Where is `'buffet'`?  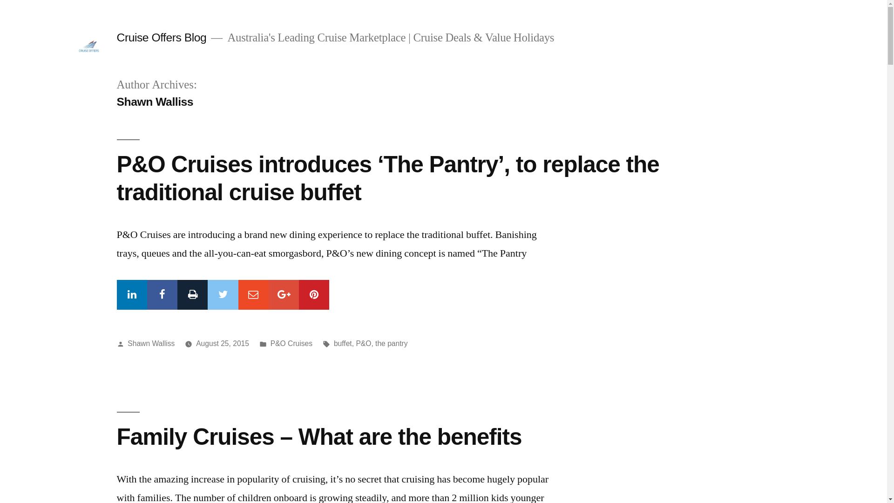 'buffet' is located at coordinates (342, 343).